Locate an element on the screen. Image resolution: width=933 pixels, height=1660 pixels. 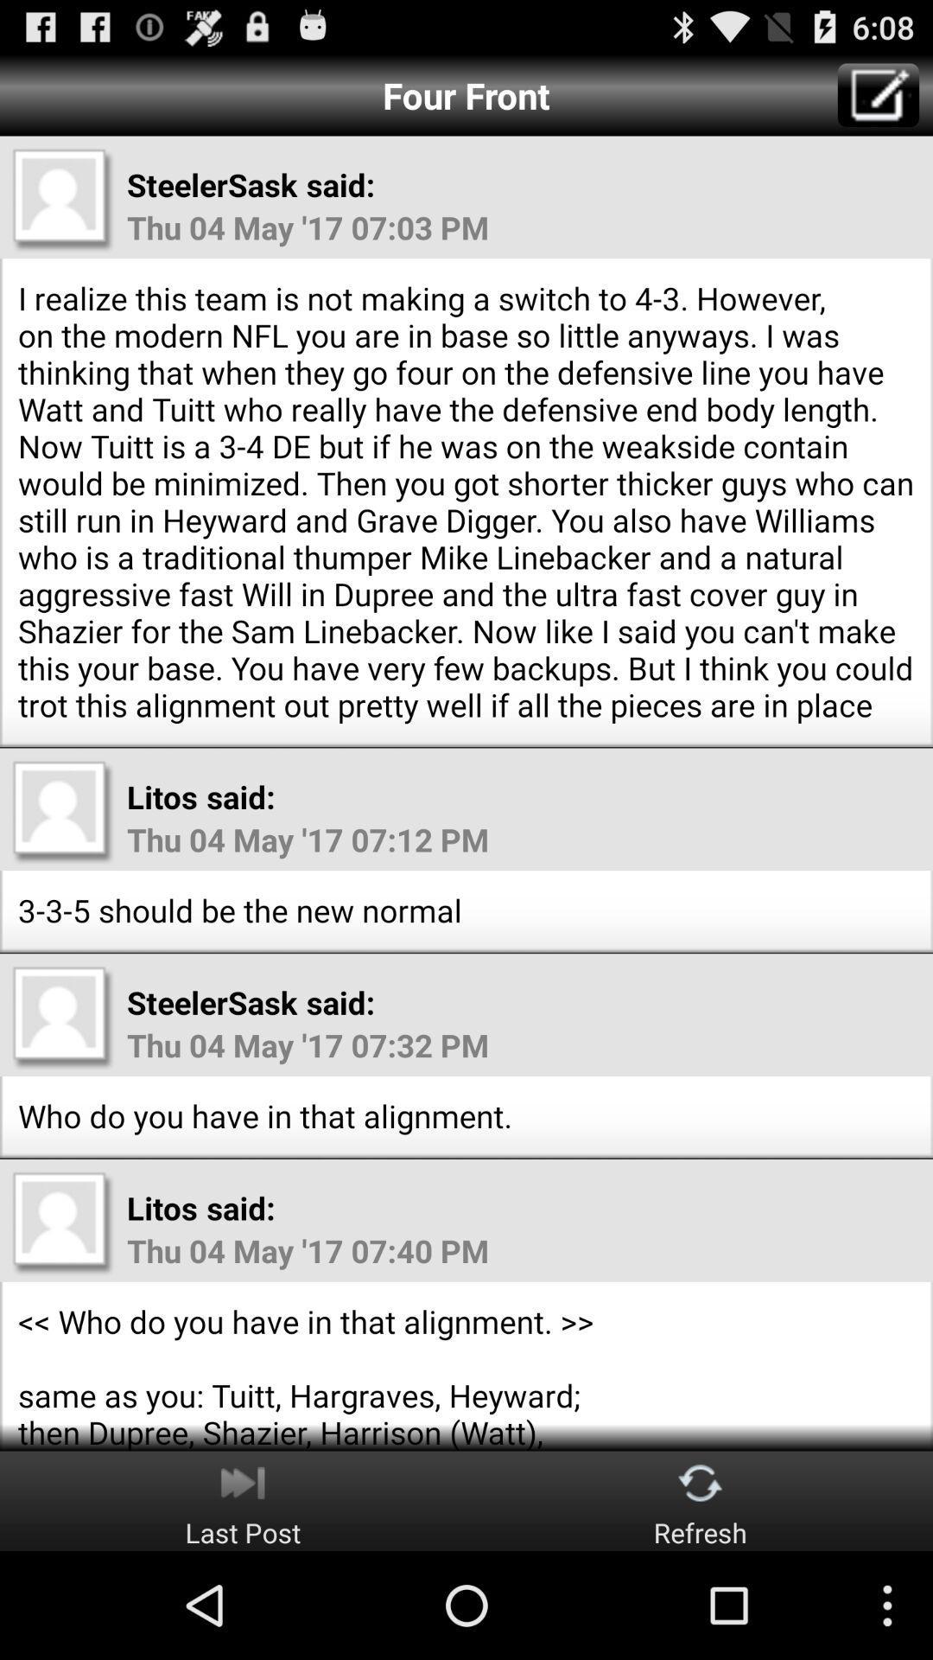
write post is located at coordinates (879, 94).